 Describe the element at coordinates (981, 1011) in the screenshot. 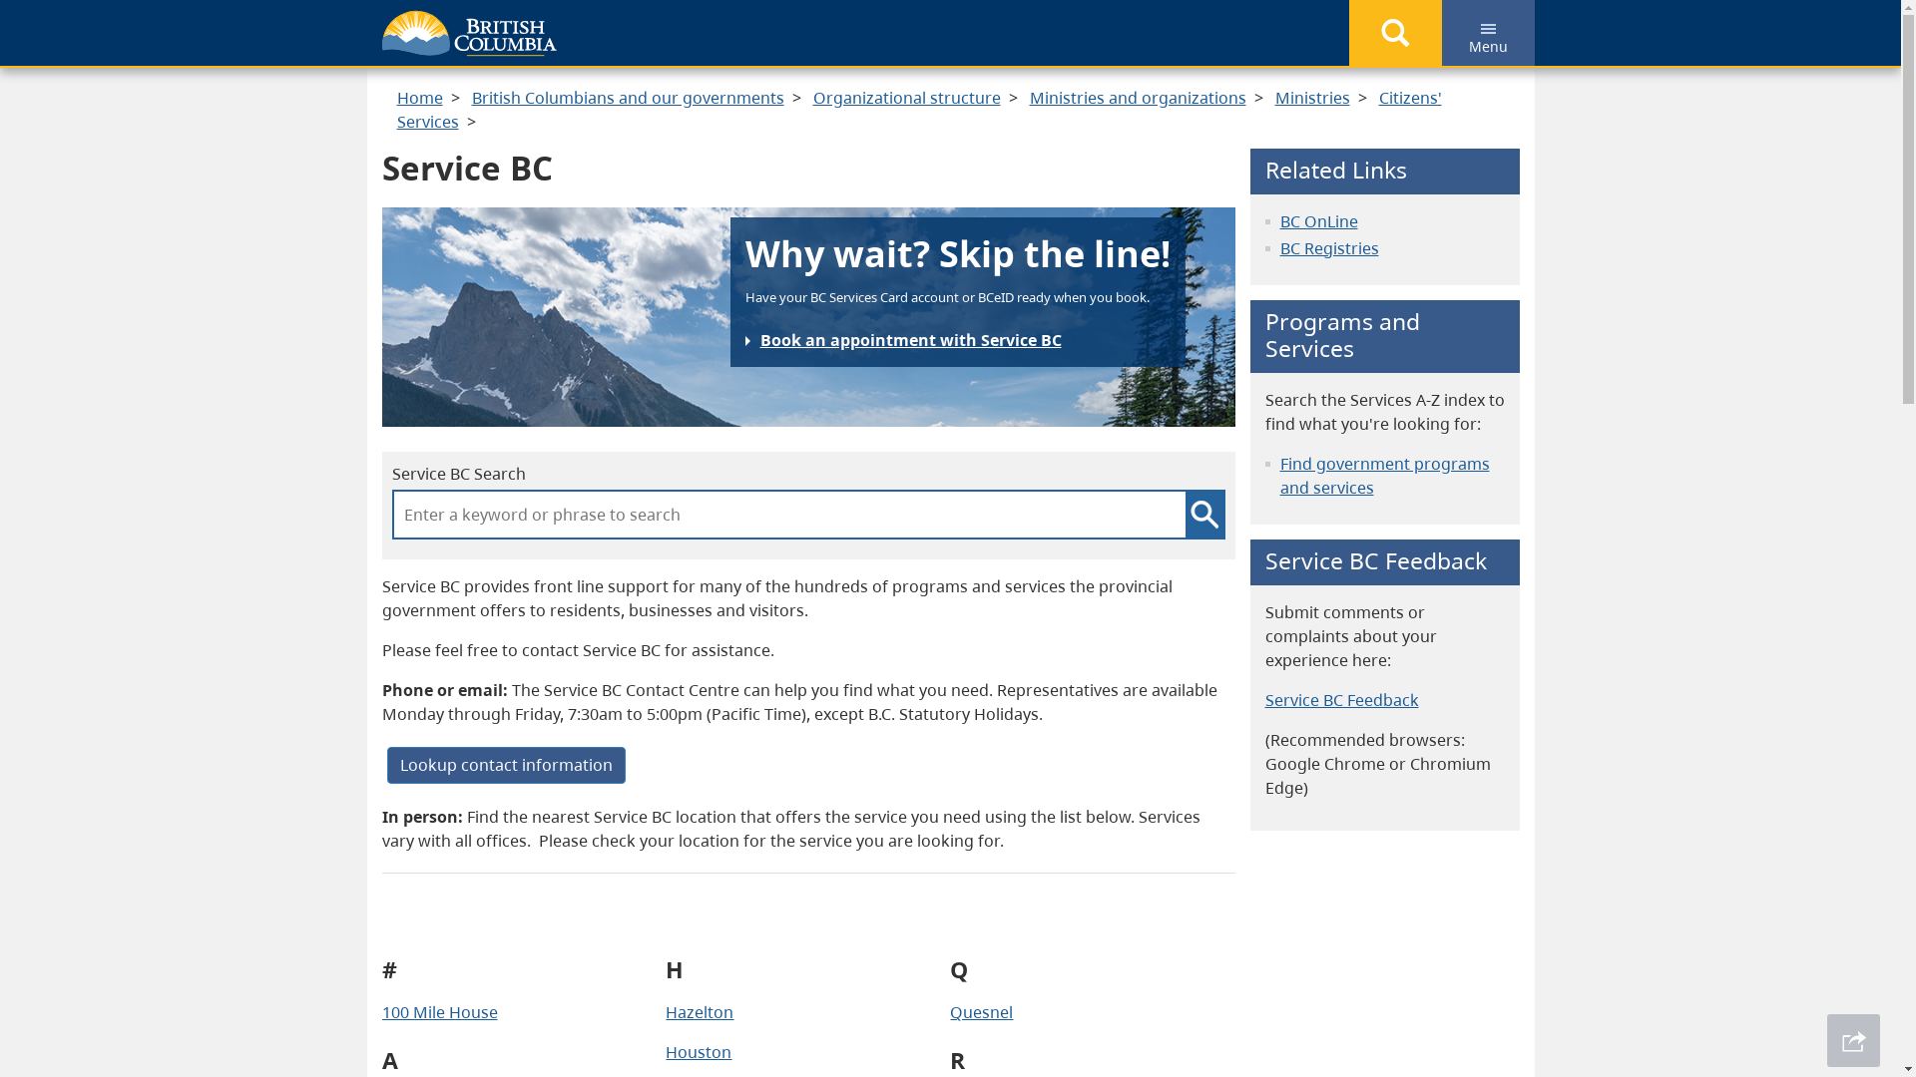

I see `'Quesnel'` at that location.